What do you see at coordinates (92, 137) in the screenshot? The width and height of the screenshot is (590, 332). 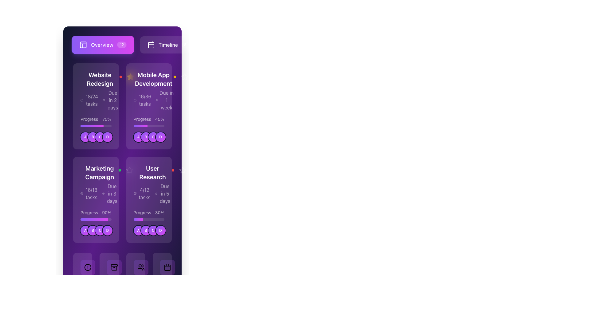 I see `the second circular badge representing a contributor for the 'Website Redesign' task` at bounding box center [92, 137].